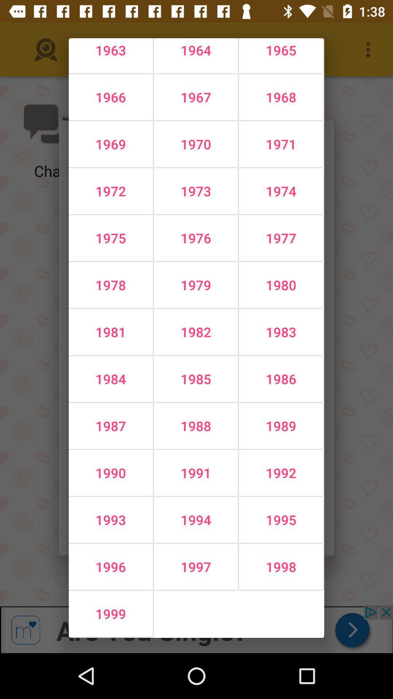 This screenshot has height=699, width=393. Describe the element at coordinates (195, 144) in the screenshot. I see `icon below 1966` at that location.